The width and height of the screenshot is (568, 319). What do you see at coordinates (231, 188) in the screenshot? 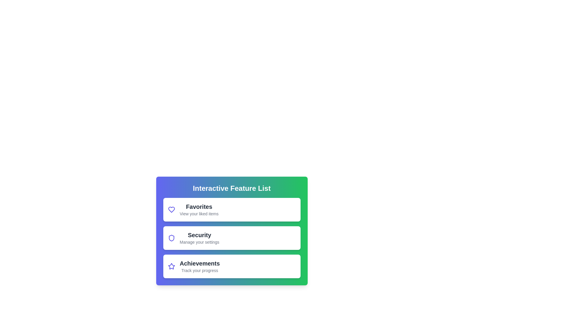
I see `the title text 'Interactive Feature List' to visually inspect it` at bounding box center [231, 188].